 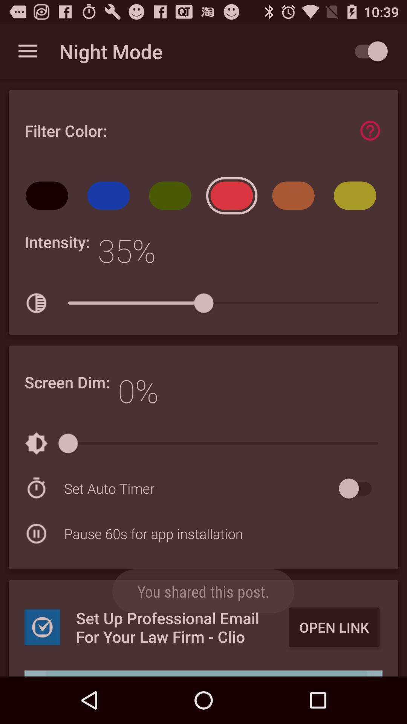 I want to click on increase the volume, so click(x=203, y=673).